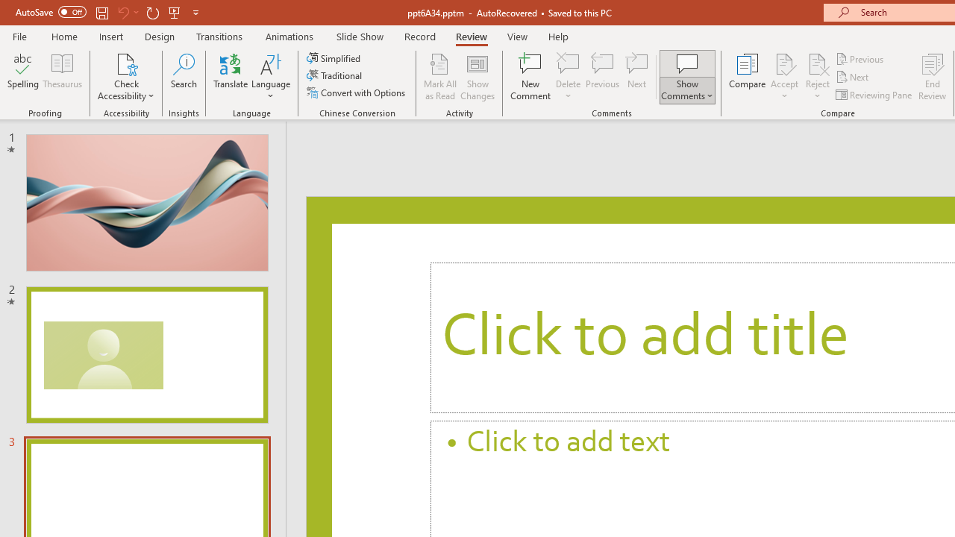 Image resolution: width=955 pixels, height=537 pixels. What do you see at coordinates (477, 77) in the screenshot?
I see `'Show Changes'` at bounding box center [477, 77].